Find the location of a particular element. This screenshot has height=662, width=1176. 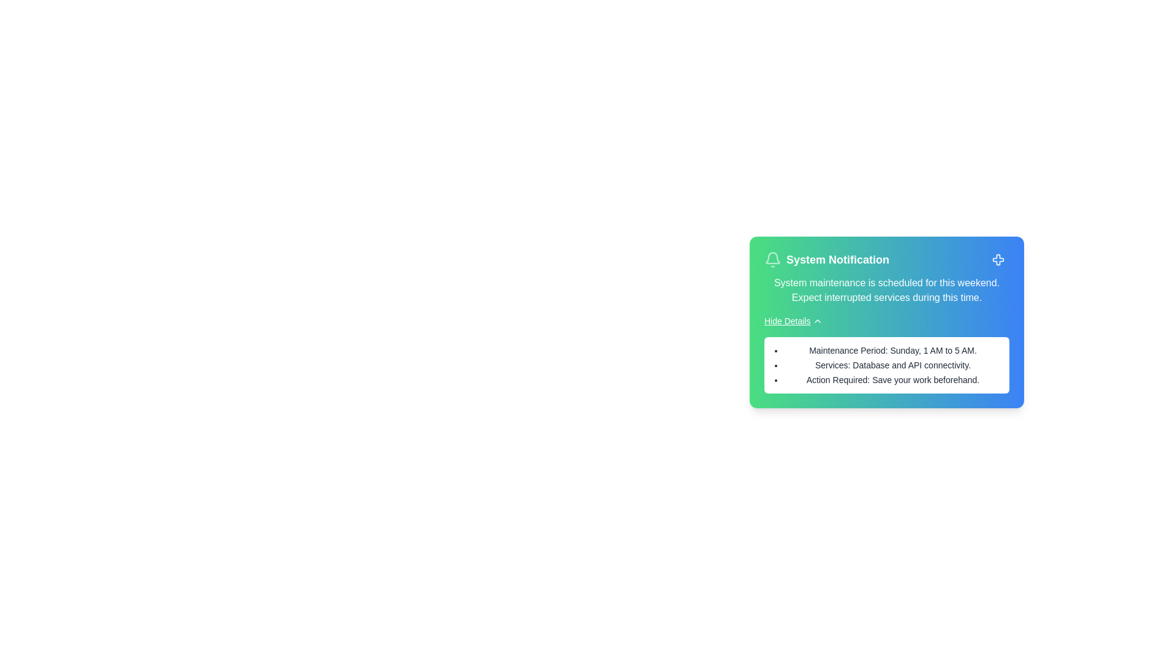

the 'Hide Details' button to toggle the visibility of the details section is located at coordinates (793, 321).